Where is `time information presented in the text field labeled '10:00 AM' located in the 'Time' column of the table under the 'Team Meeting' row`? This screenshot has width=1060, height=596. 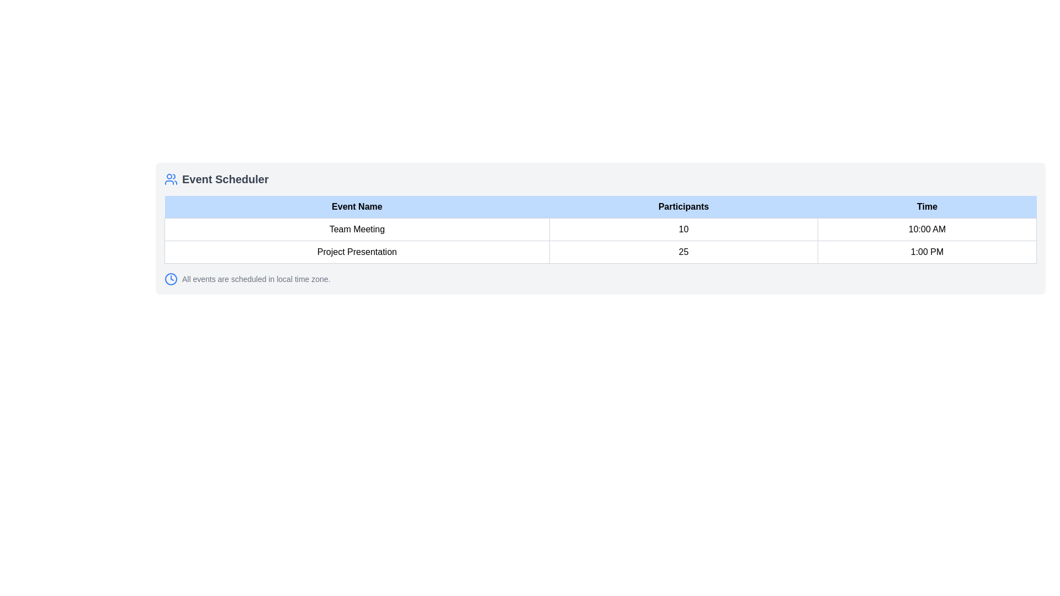
time information presented in the text field labeled '10:00 AM' located in the 'Time' column of the table under the 'Team Meeting' row is located at coordinates (927, 229).